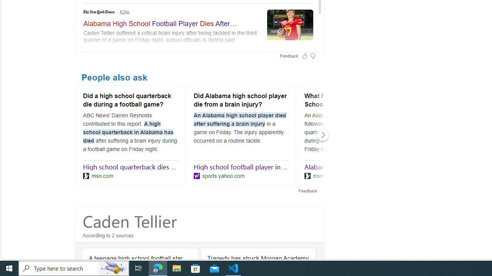 This screenshot has height=276, width=492. Describe the element at coordinates (304, 56) in the screenshot. I see `'Feedback Like'` at that location.